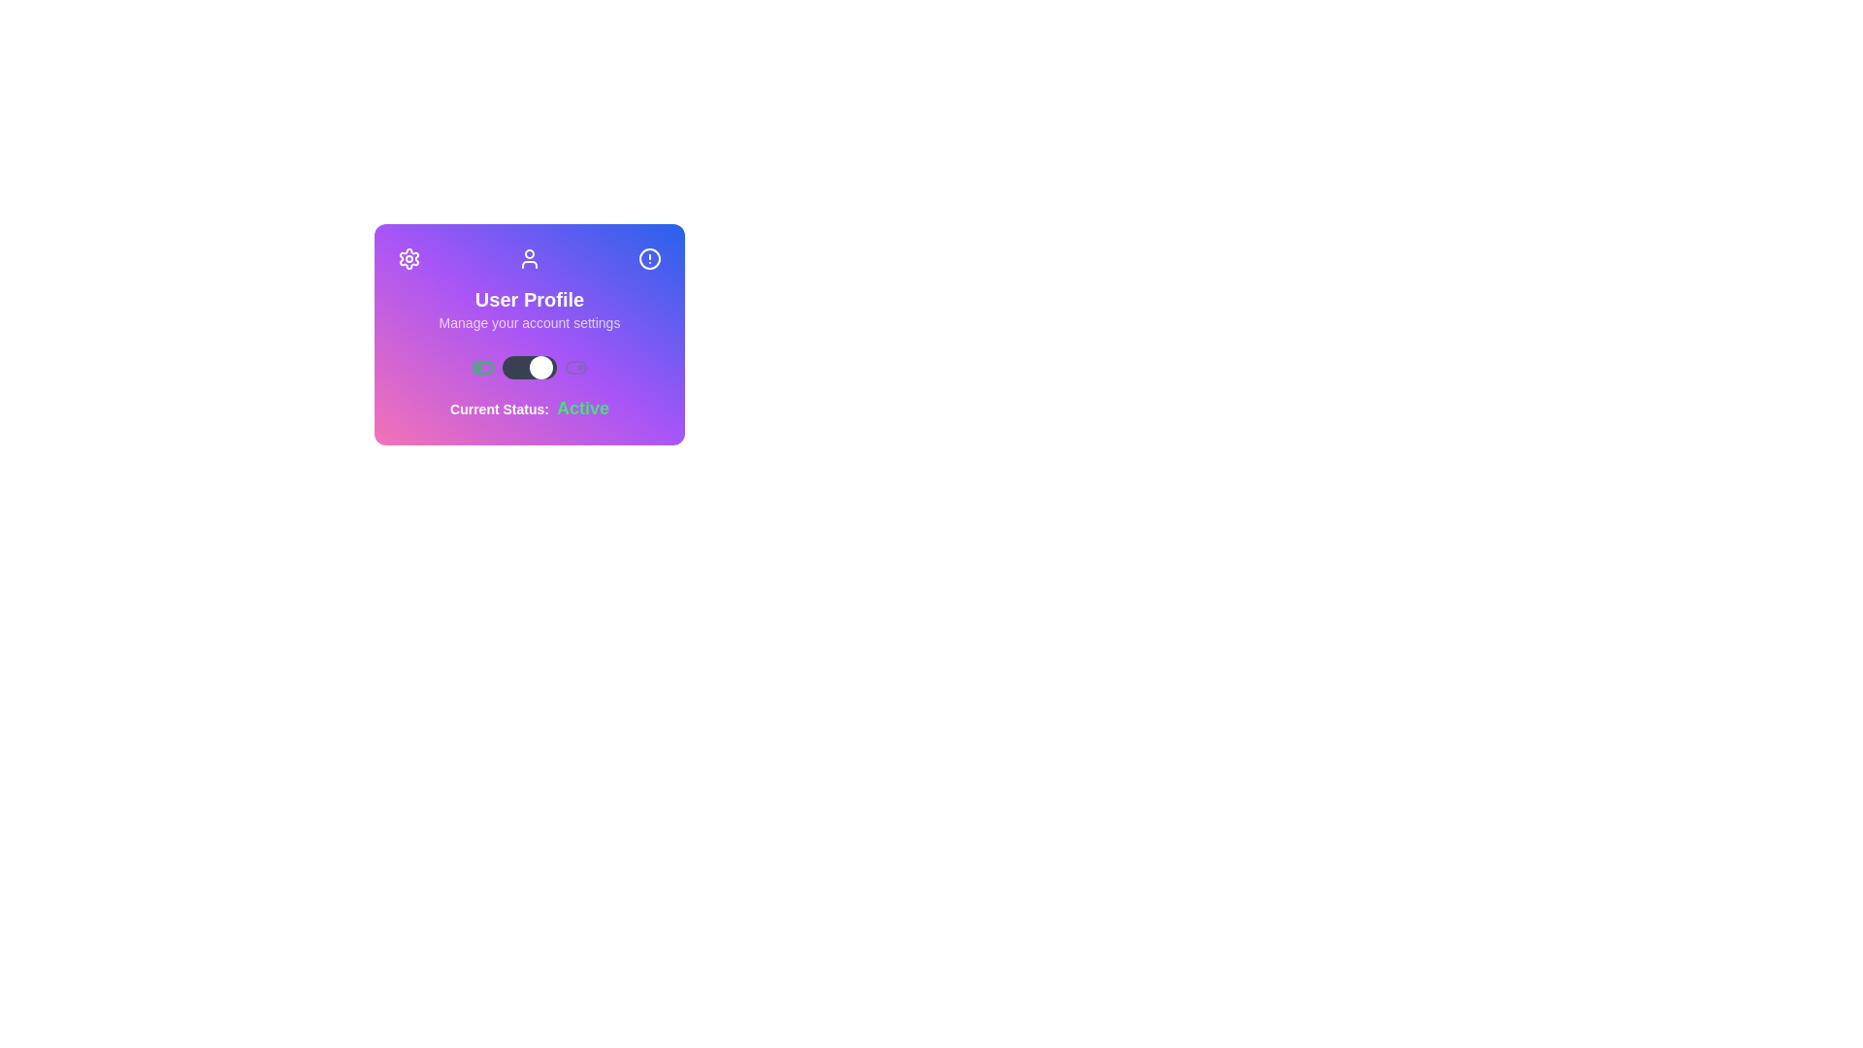 This screenshot has width=1863, height=1048. I want to click on the rightmost toggle switch icon that symbolizes the right position of a toggle switch, indicating a disabled or inactive state, so click(575, 367).